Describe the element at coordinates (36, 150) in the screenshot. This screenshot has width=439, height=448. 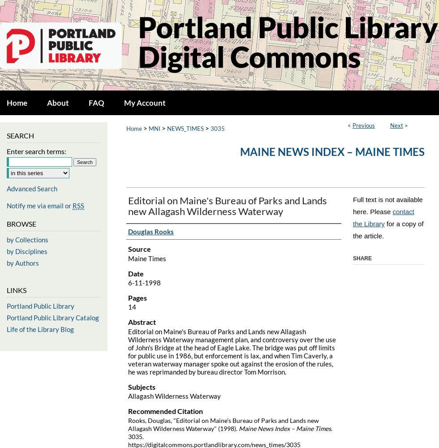
I see `'Enter search terms:'` at that location.